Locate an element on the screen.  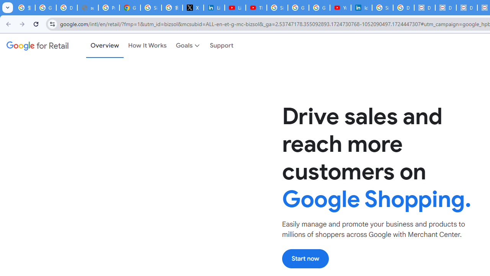
'Privacy Help Center - Policies Help' is located at coordinates (108, 8).